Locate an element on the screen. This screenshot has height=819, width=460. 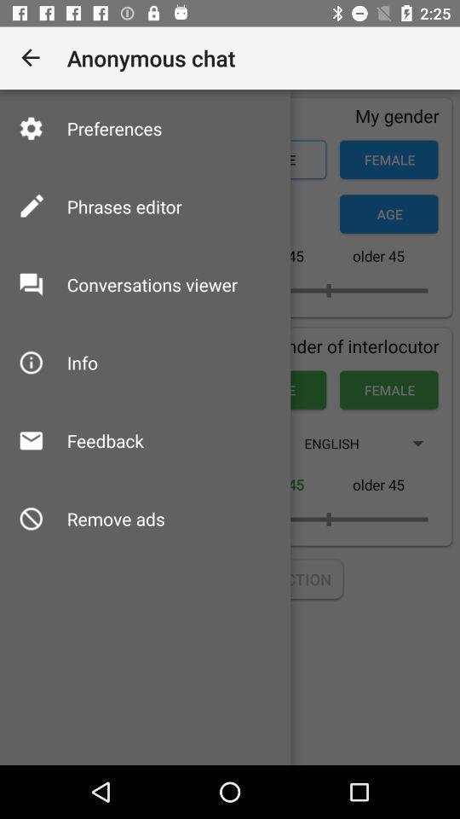
icon above phrases editor item is located at coordinates (114, 127).